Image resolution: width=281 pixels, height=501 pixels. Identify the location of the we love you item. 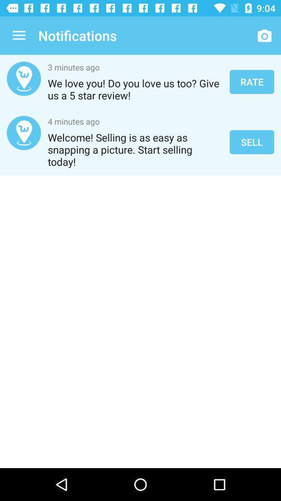
(135, 89).